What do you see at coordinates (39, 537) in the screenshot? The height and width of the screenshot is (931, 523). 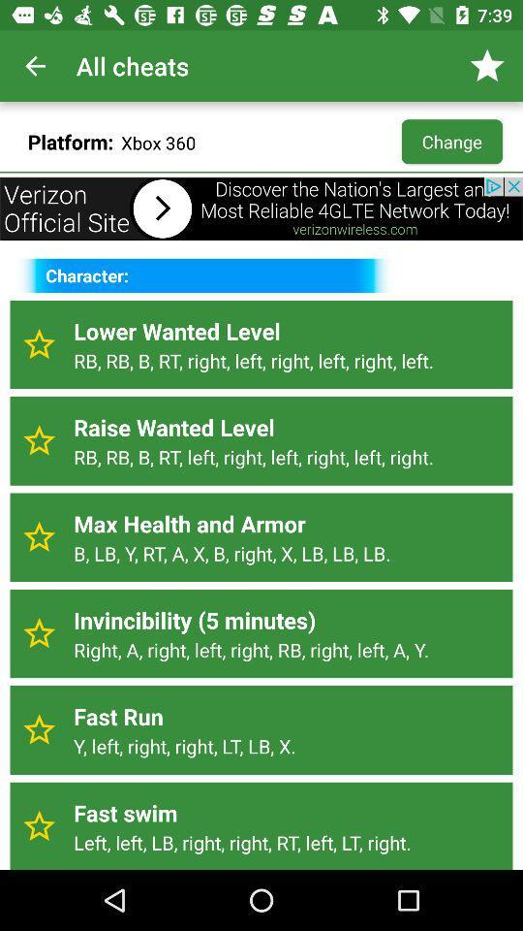 I see `favorite character` at bounding box center [39, 537].